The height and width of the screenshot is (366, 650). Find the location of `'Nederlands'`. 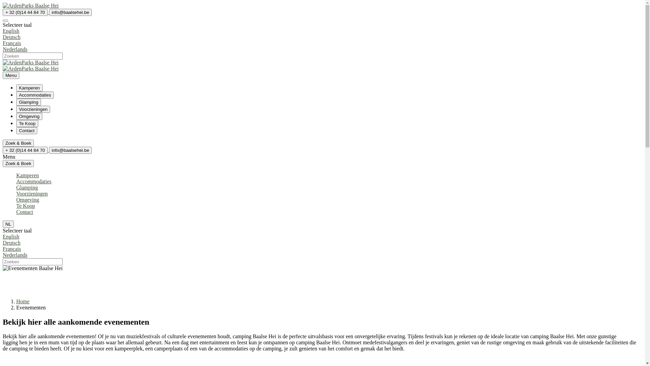

'Nederlands' is located at coordinates (3, 52).